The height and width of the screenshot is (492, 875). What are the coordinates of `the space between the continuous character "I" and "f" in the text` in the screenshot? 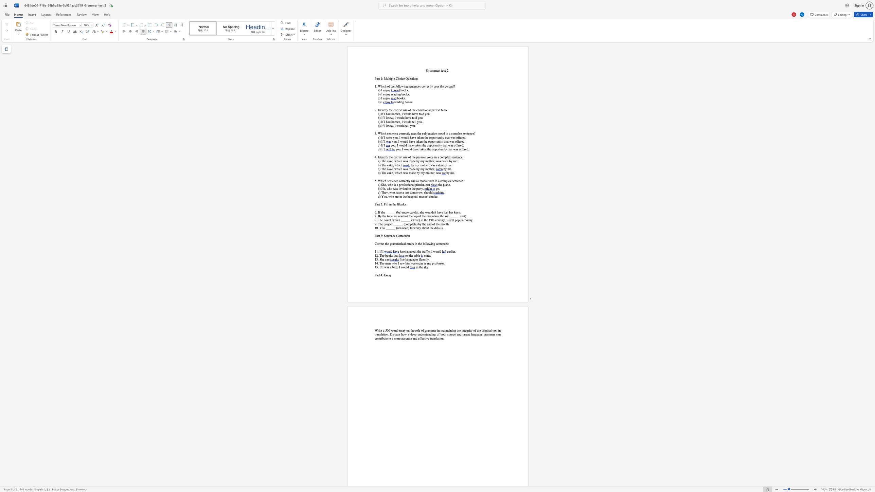 It's located at (382, 141).